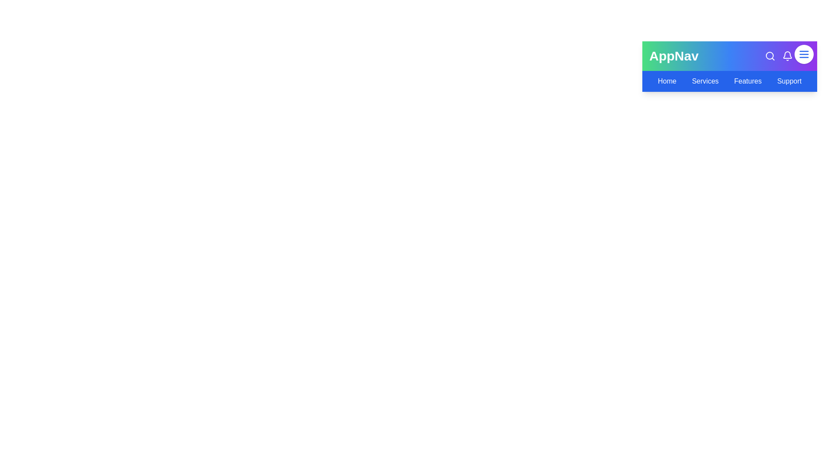  Describe the element at coordinates (667, 81) in the screenshot. I see `the navigation link Home` at that location.